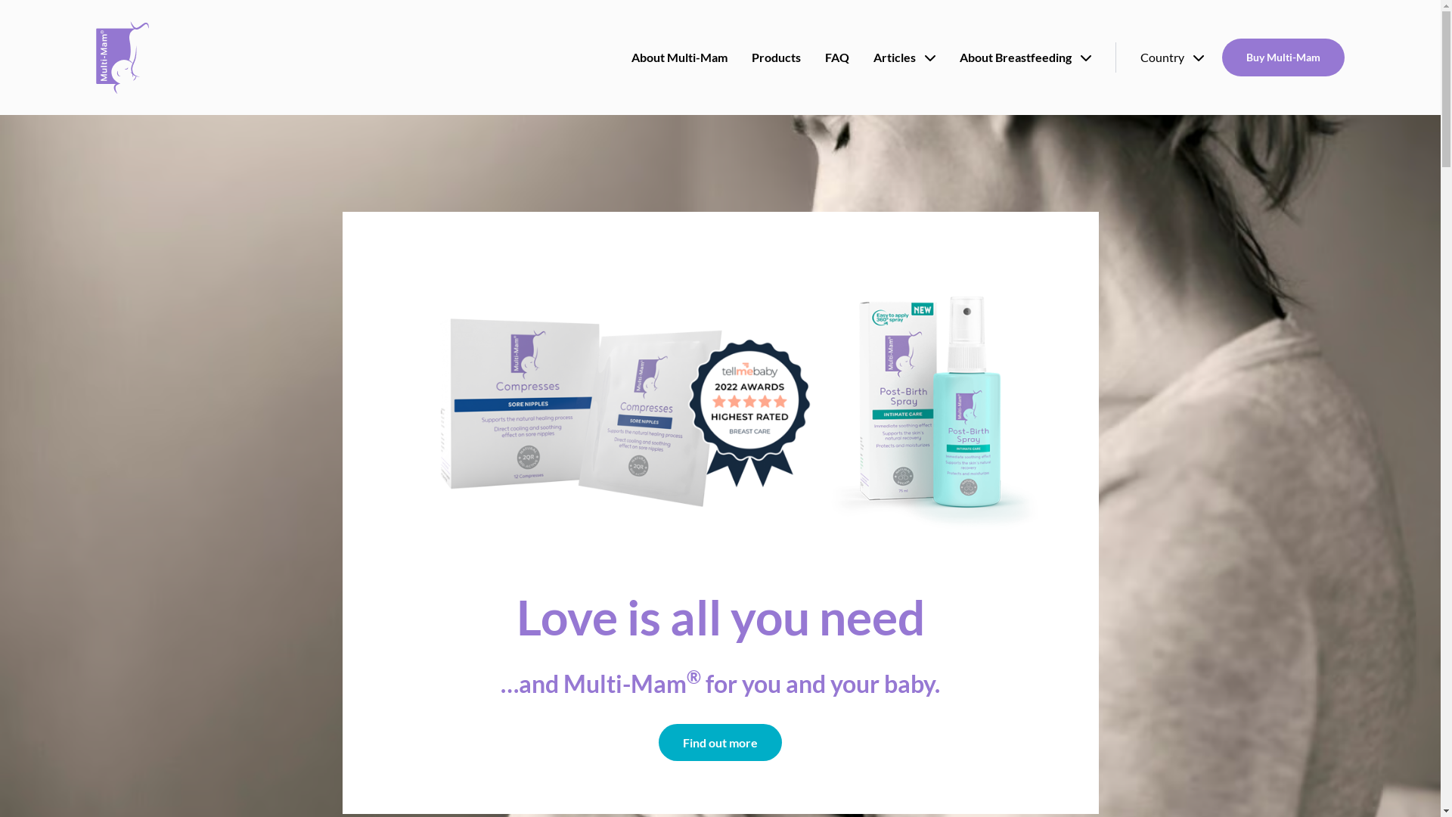  What do you see at coordinates (1025, 57) in the screenshot?
I see `'About Breastfeeding'` at bounding box center [1025, 57].